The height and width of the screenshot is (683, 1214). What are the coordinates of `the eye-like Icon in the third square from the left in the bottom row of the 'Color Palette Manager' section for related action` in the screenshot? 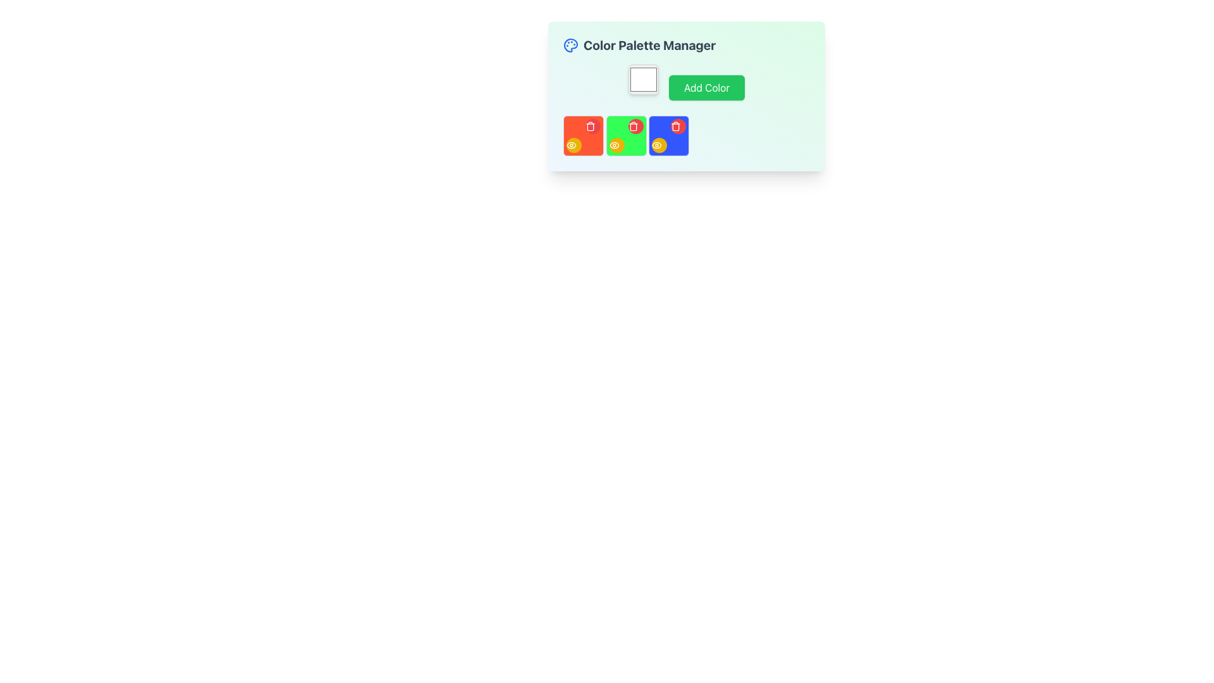 It's located at (570, 145).